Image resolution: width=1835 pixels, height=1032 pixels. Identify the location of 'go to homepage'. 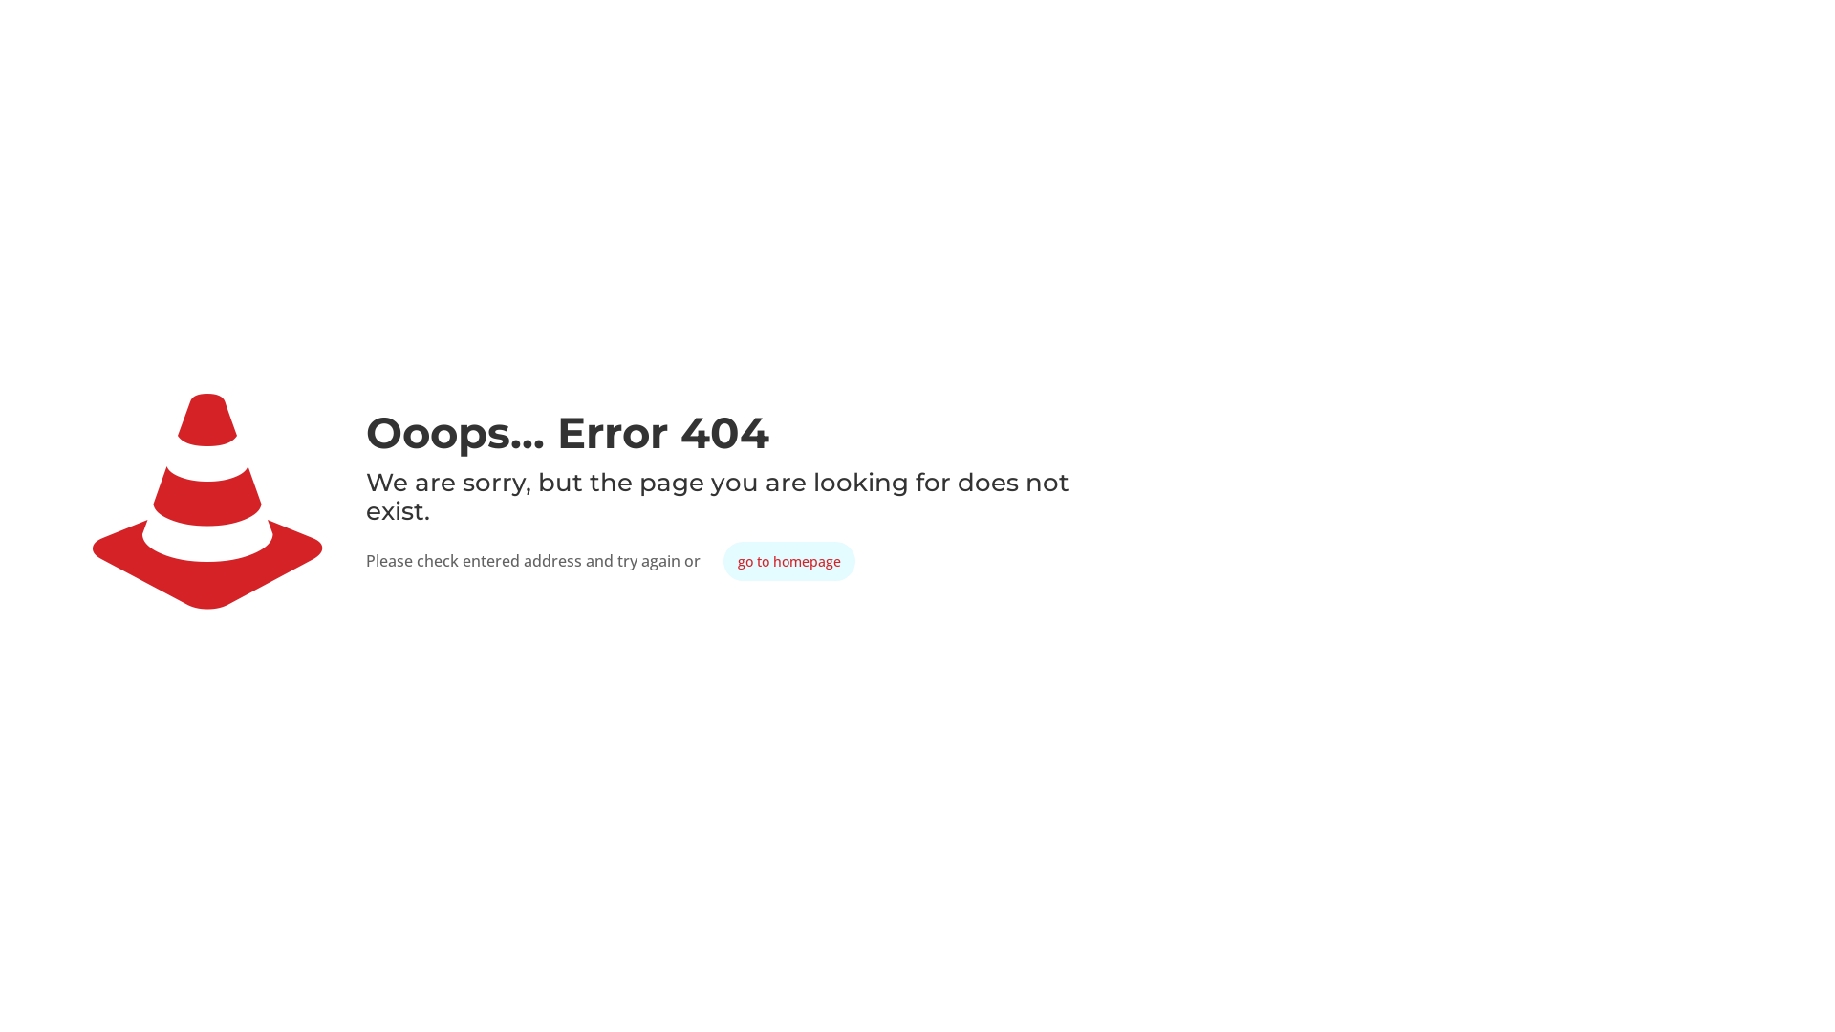
(788, 560).